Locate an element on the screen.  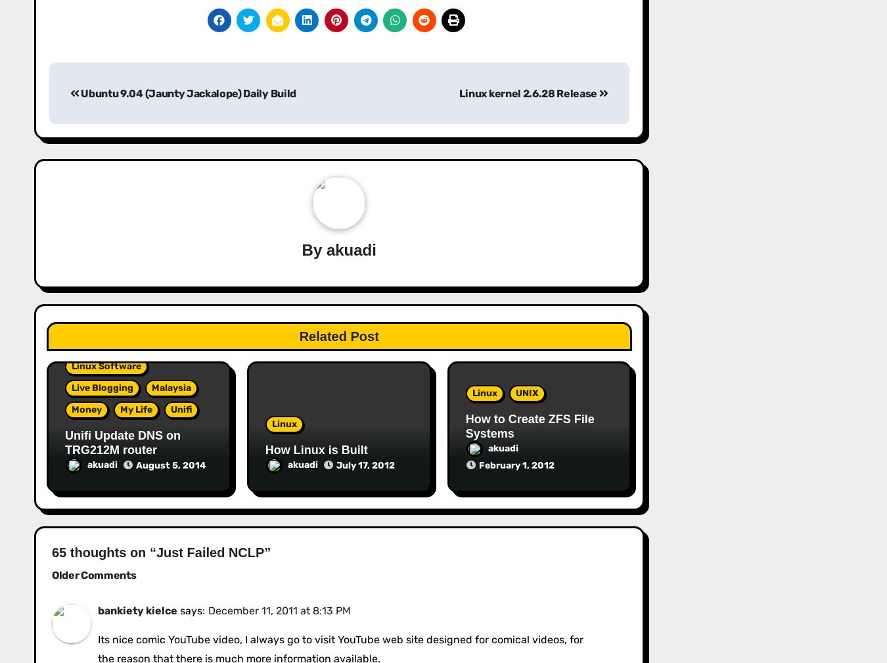
'Single Application Solution vs Multiple Localization Applications: Best Approach for Global Expansion – Lessons from Grab and Facebook' is located at coordinates (269, 392).